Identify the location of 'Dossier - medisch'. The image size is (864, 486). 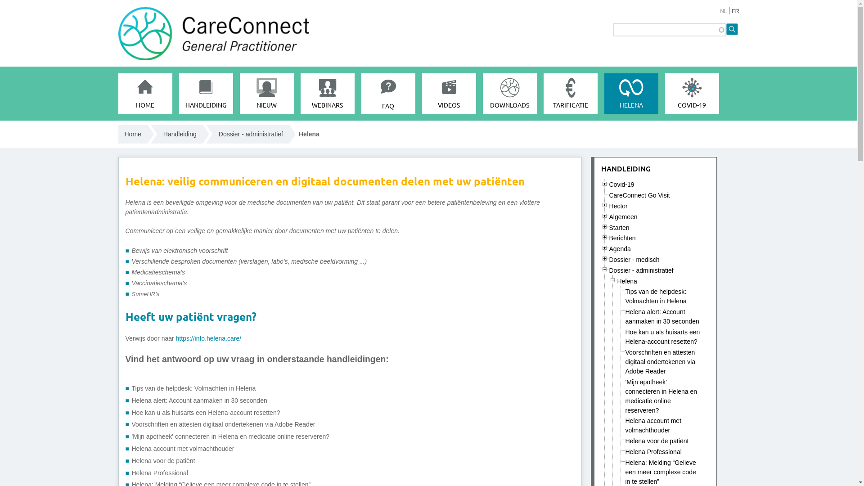
(634, 260).